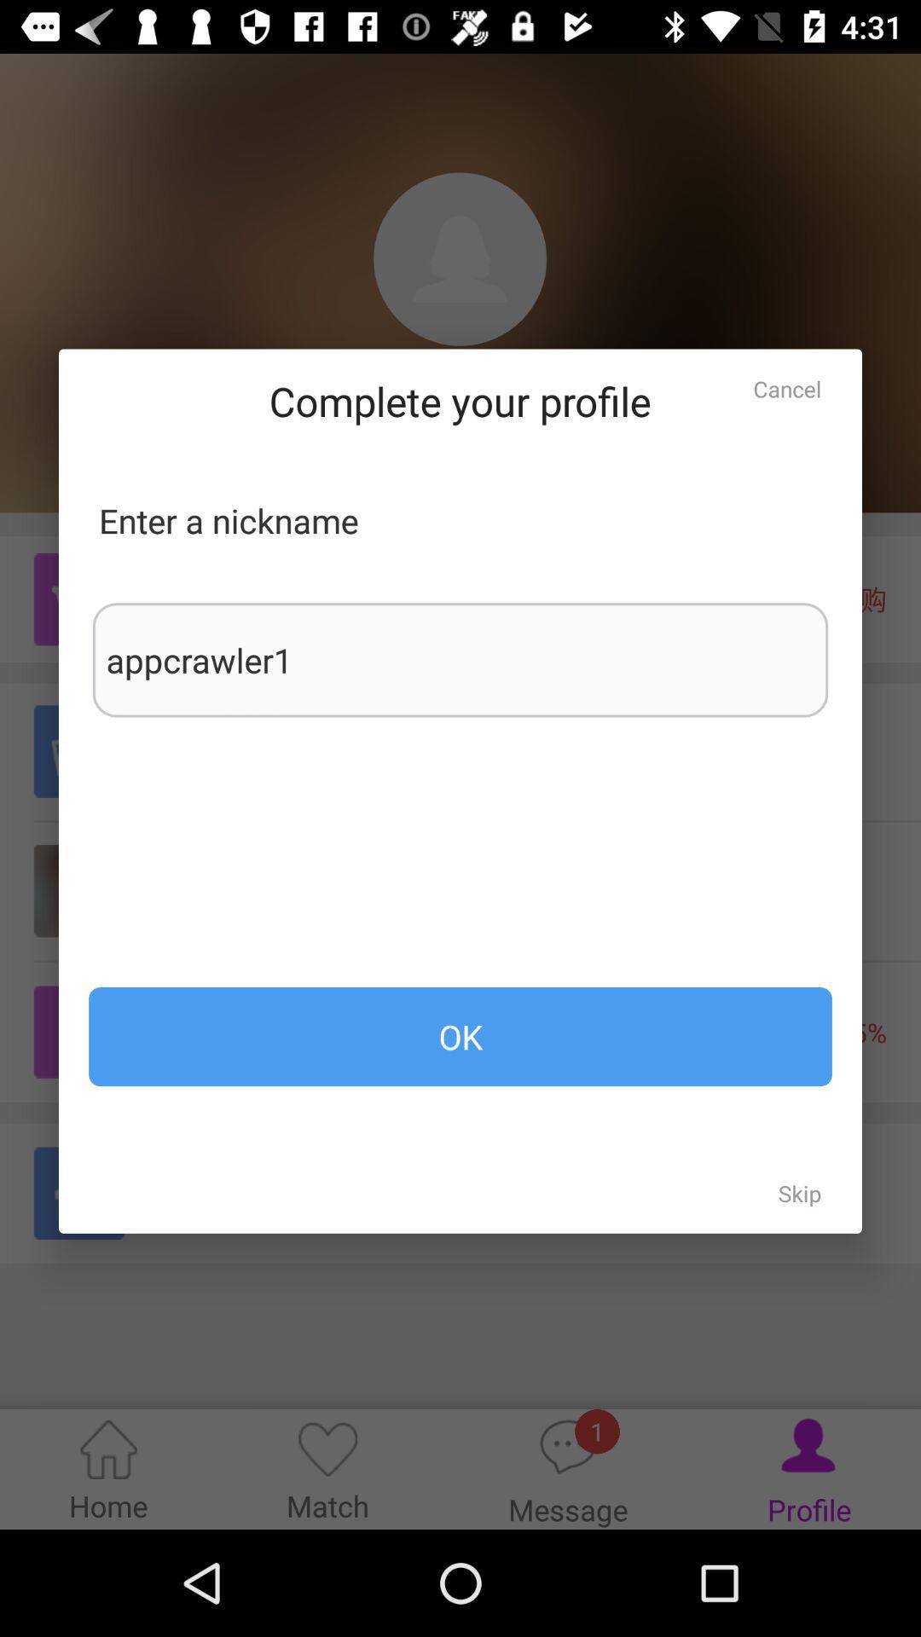 This screenshot has width=921, height=1637. What do you see at coordinates (460, 659) in the screenshot?
I see `the appcrawler1 item` at bounding box center [460, 659].